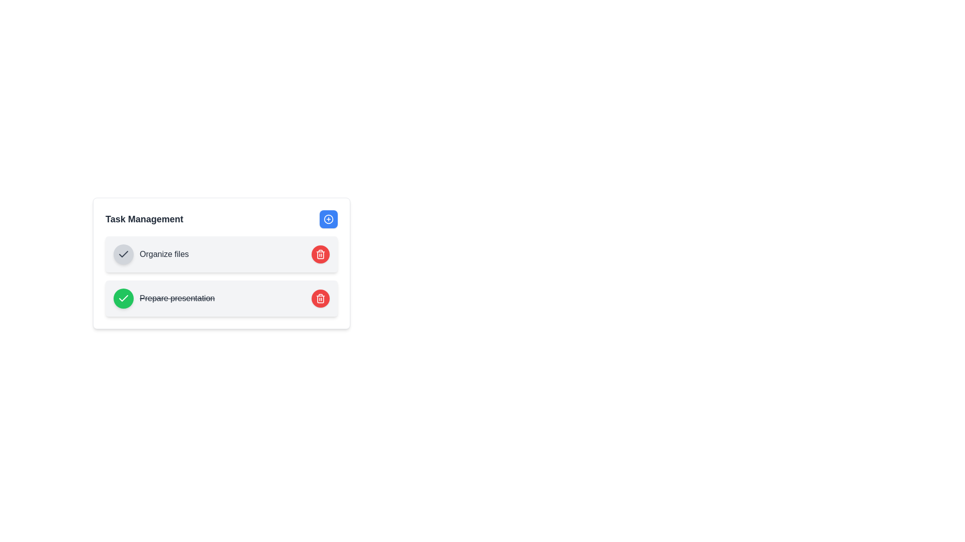 Image resolution: width=965 pixels, height=542 pixels. What do you see at coordinates (123, 298) in the screenshot?
I see `the state of the checkmark icon, which is part of the completed task indicator located within the green circle to the left of the text 'Prepare presentation'` at bounding box center [123, 298].